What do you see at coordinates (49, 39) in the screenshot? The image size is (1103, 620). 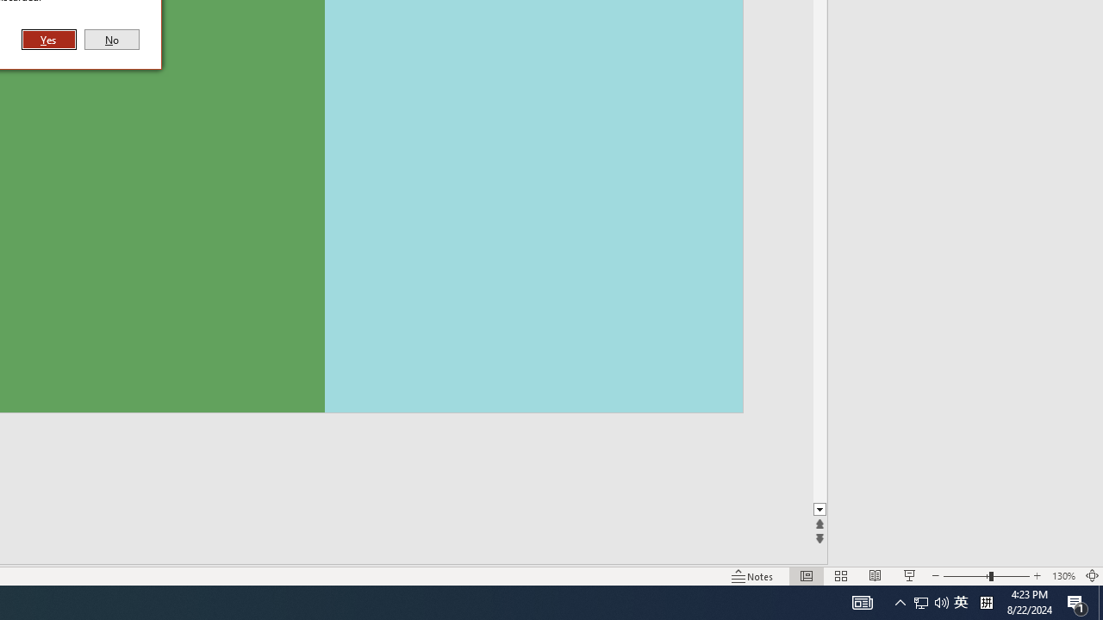 I see `'Yes'` at bounding box center [49, 39].